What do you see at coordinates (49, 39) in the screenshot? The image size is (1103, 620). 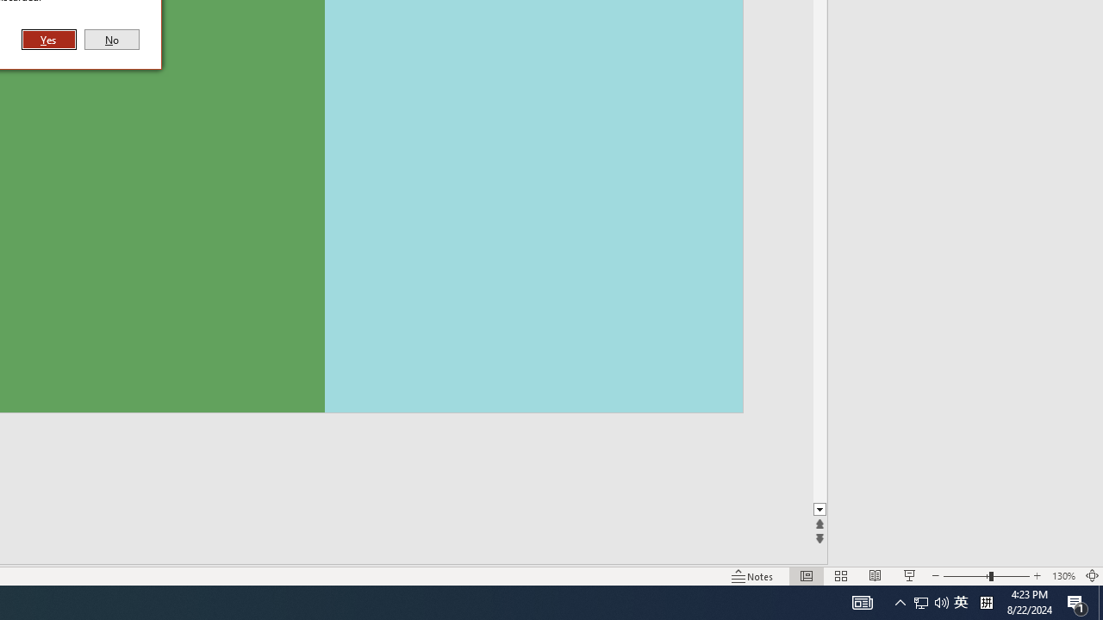 I see `'Yes'` at bounding box center [49, 39].